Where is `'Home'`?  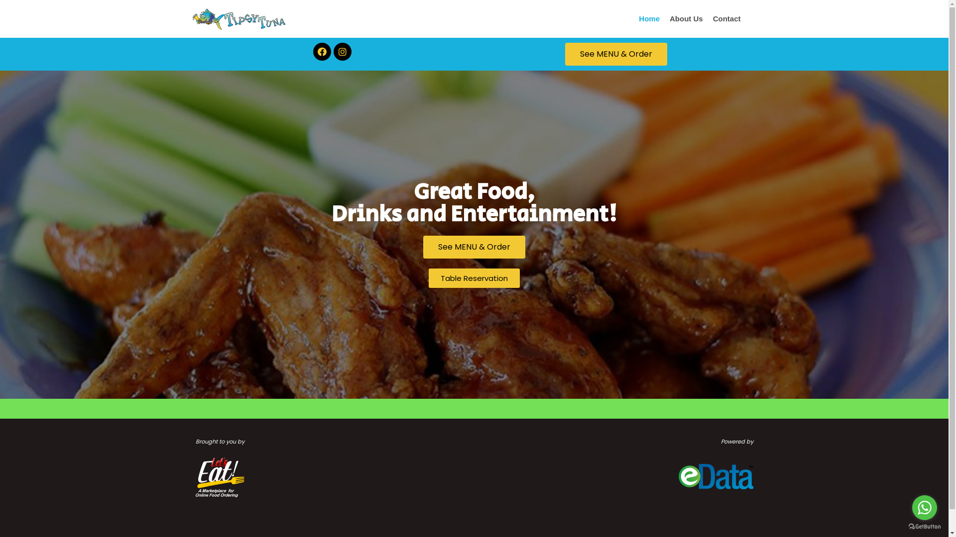
'Home' is located at coordinates (649, 19).